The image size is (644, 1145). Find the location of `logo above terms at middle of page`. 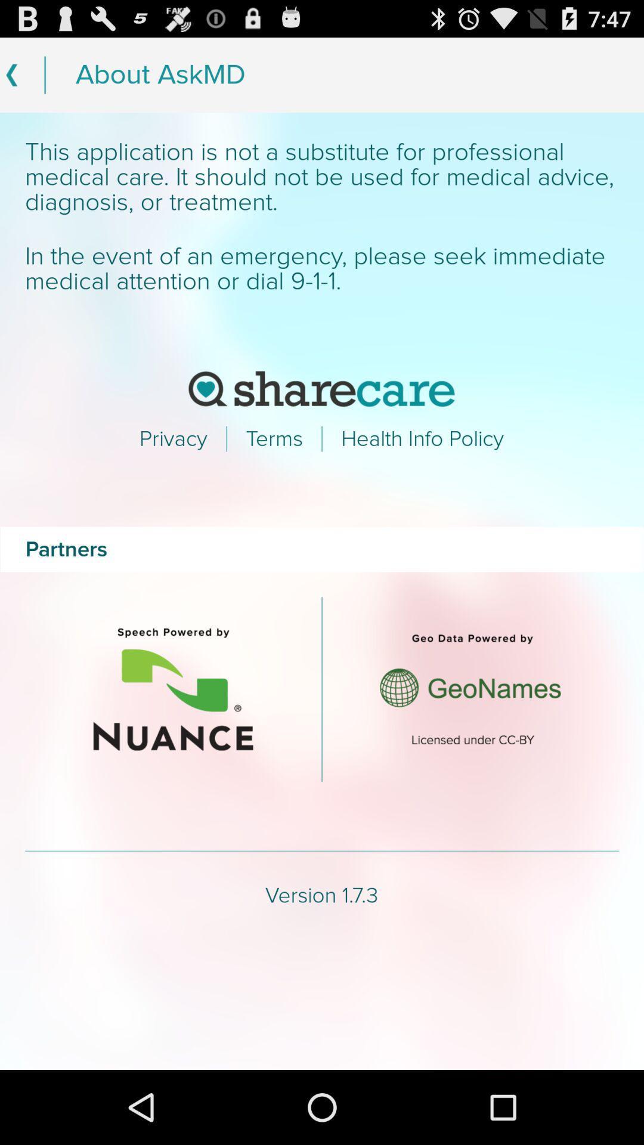

logo above terms at middle of page is located at coordinates (322, 389).